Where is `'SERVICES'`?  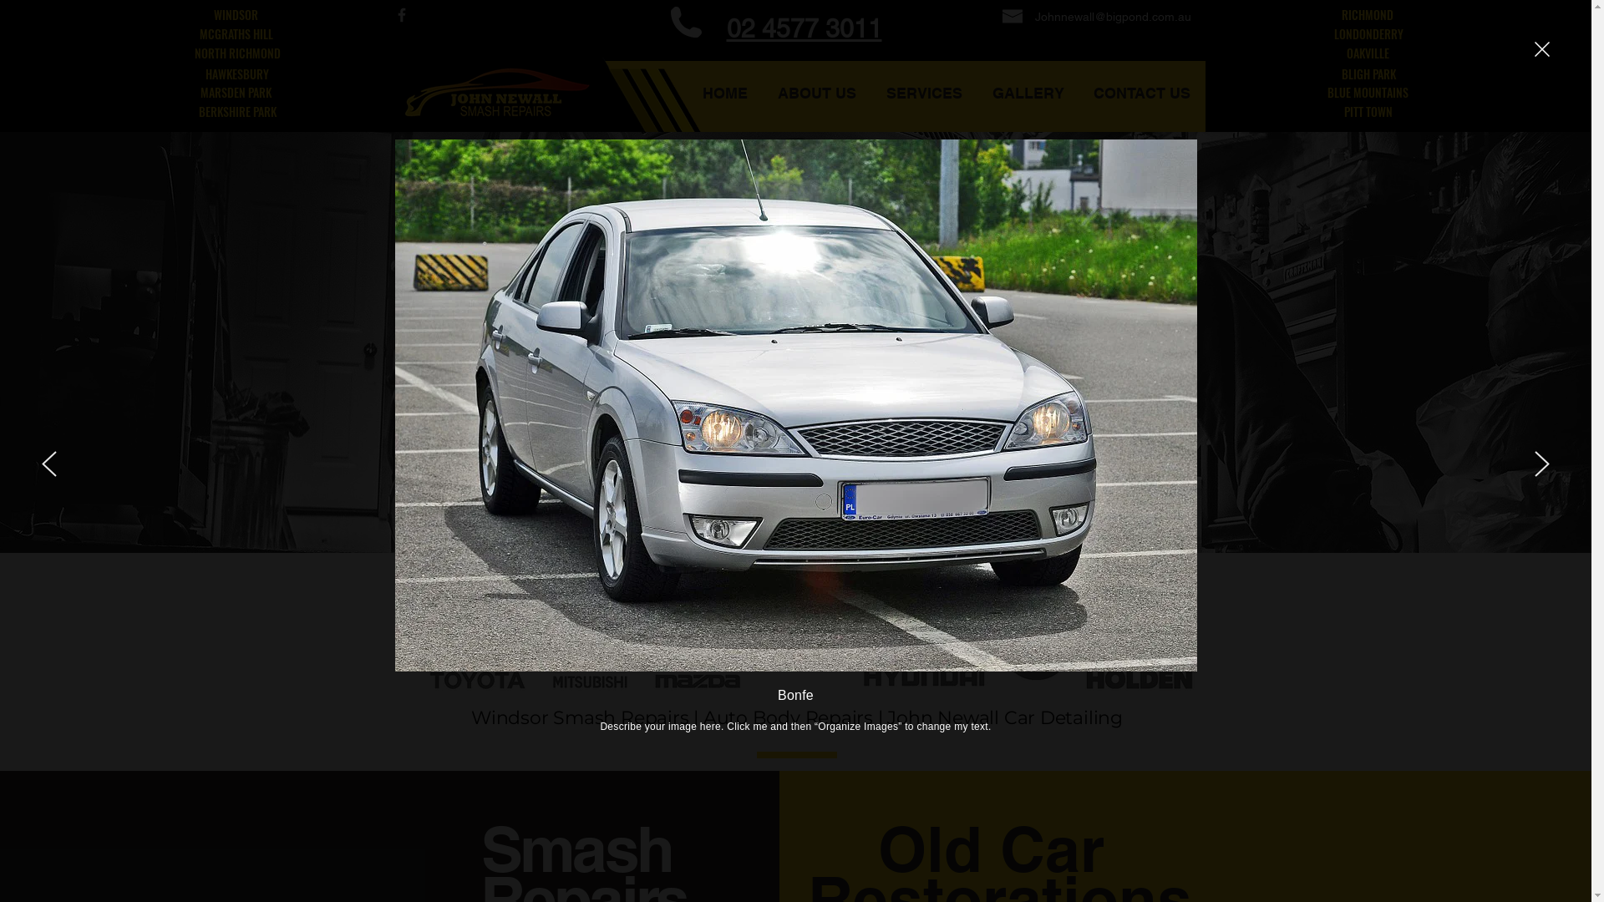
'SERVICES' is located at coordinates (869, 92).